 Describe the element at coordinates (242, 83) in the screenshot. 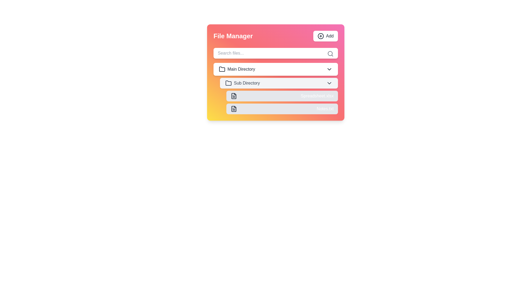

I see `the 'Sub Directory' folder entry selector, which features a folder icon next to the text` at that location.